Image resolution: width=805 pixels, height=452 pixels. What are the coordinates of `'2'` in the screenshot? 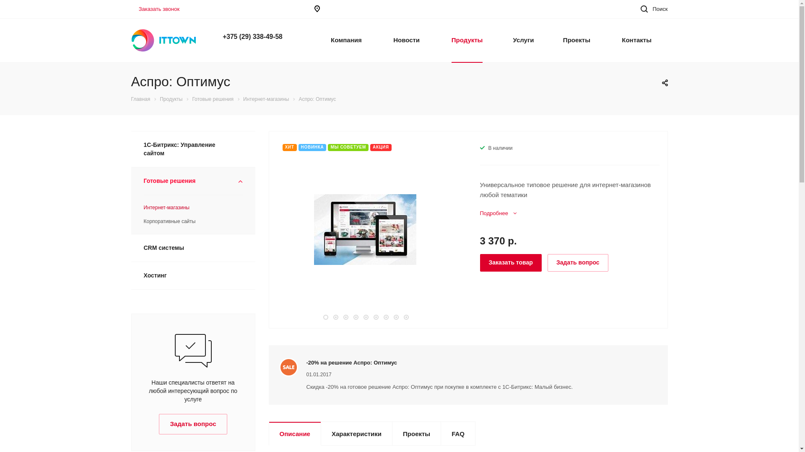 It's located at (333, 317).